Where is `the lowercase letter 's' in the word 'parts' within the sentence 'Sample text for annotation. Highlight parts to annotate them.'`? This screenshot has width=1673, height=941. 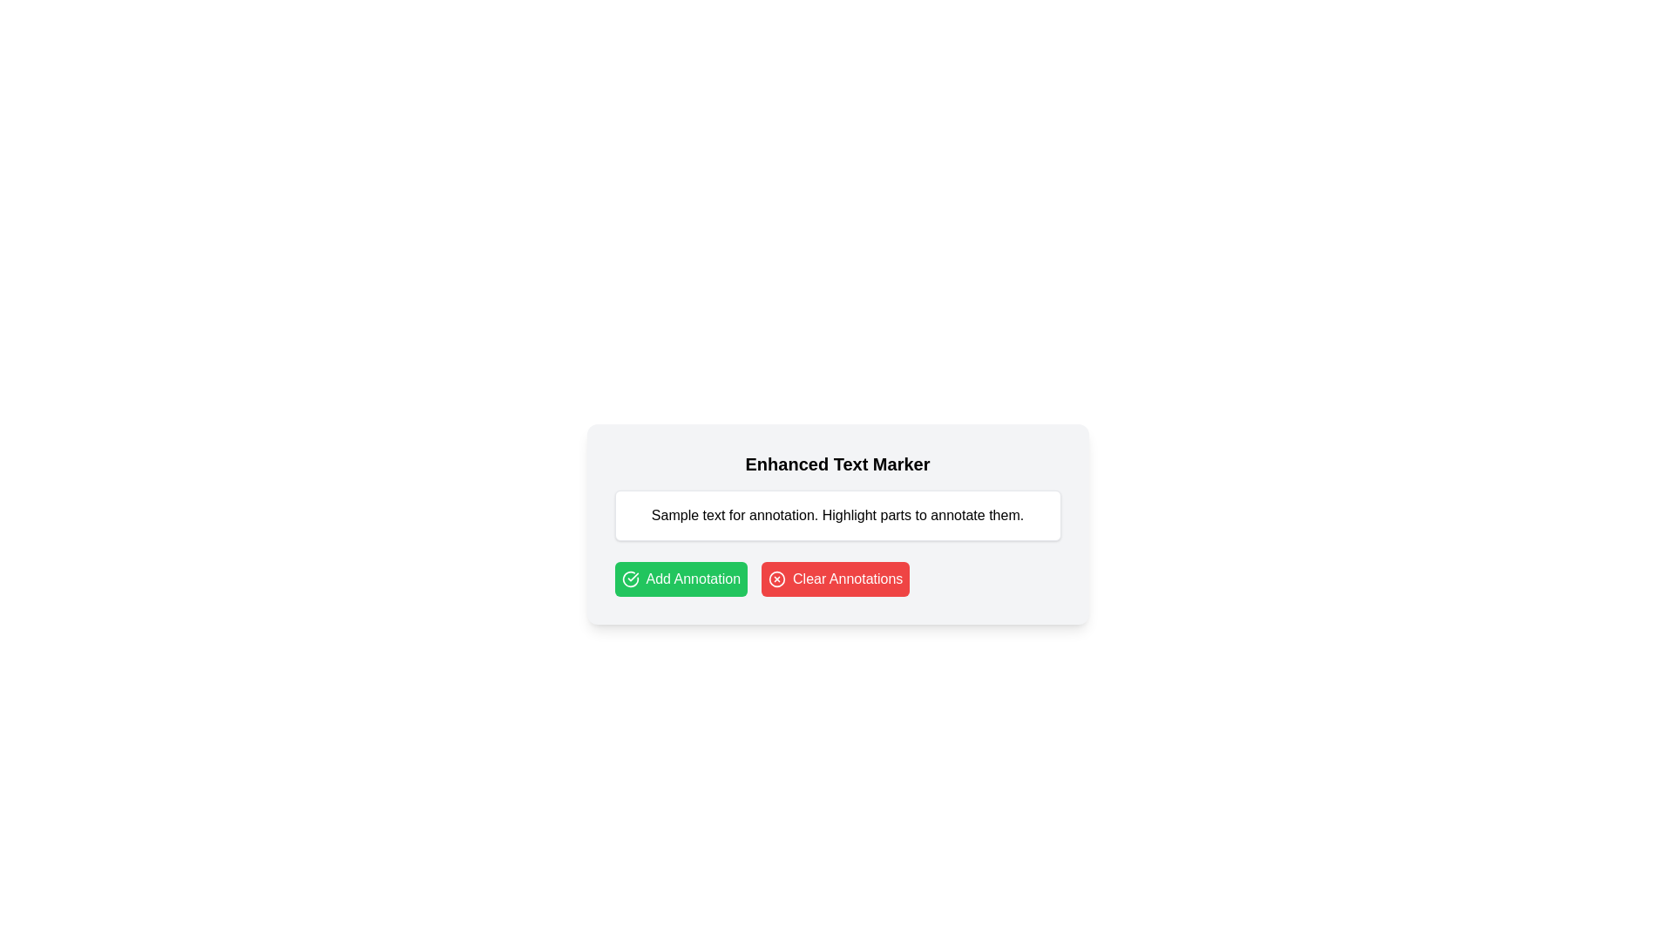
the lowercase letter 's' in the word 'parts' within the sentence 'Sample text for annotation. Highlight parts to annotate them.' is located at coordinates (906, 514).